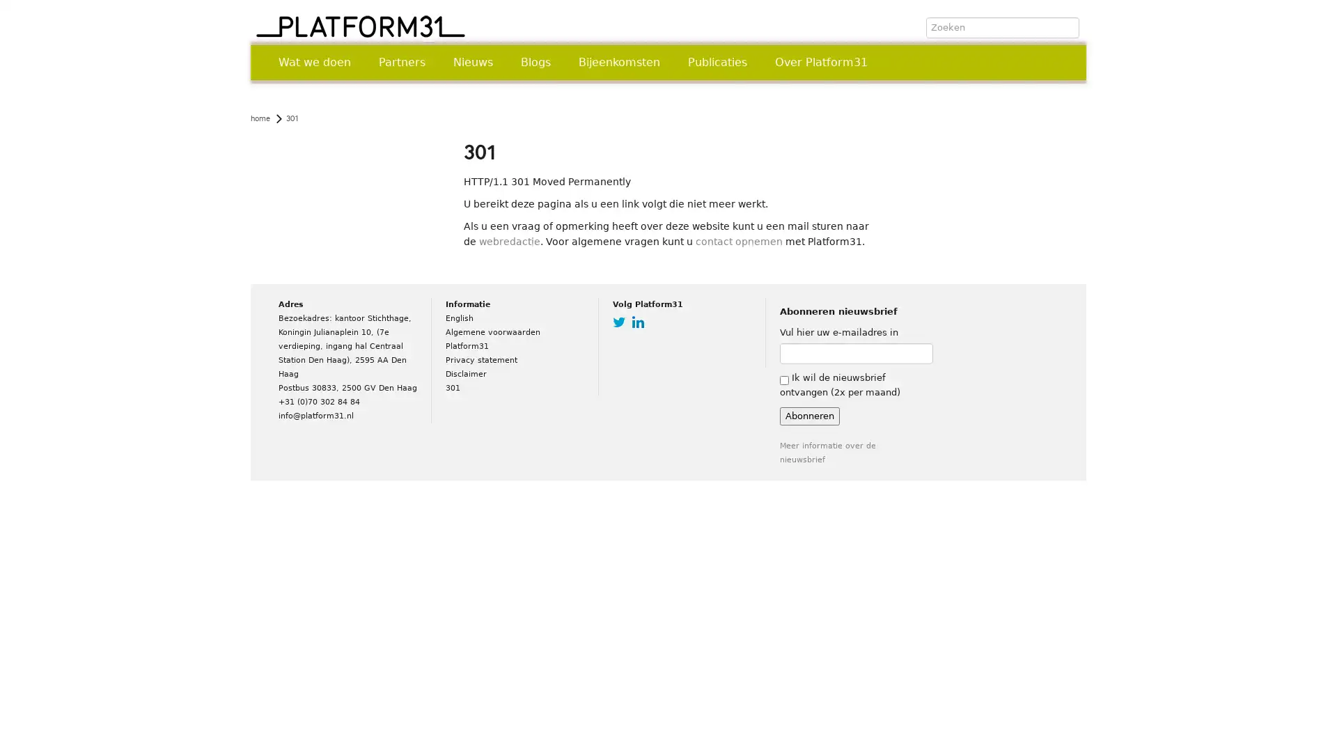 The image size is (1337, 752). I want to click on Abonneren, so click(809, 415).